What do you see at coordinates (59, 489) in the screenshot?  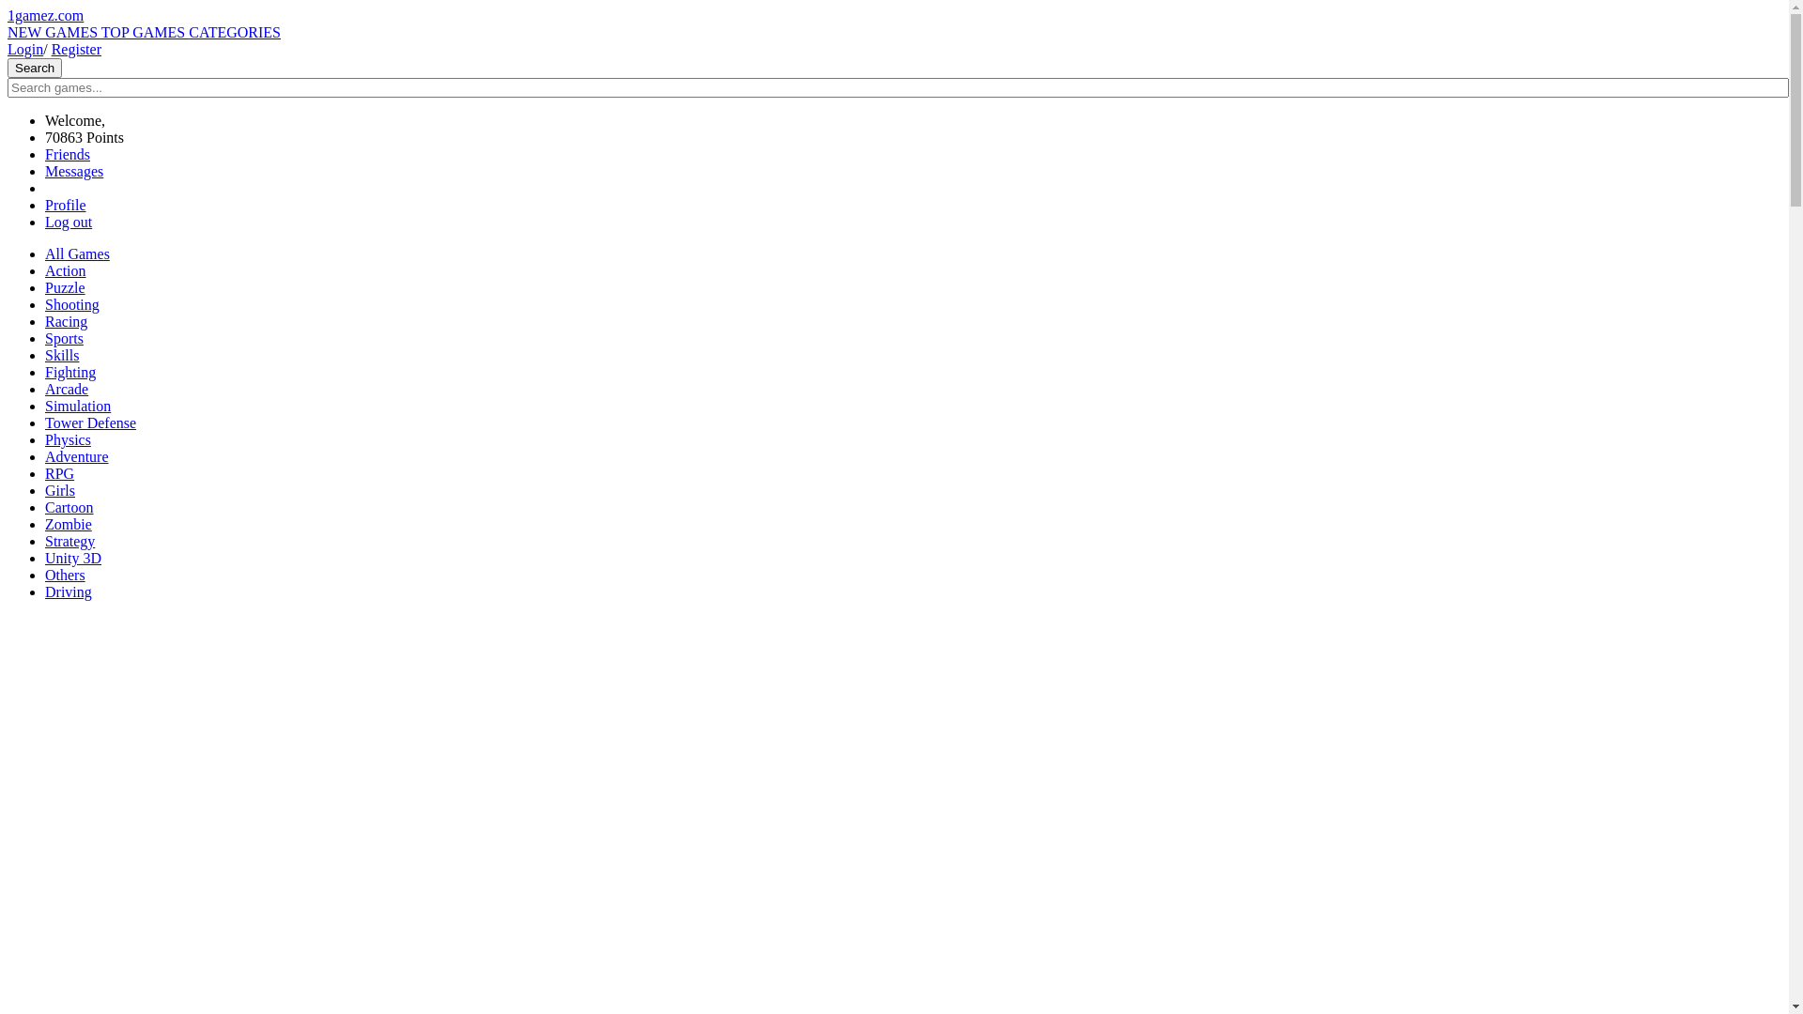 I see `'Girls'` at bounding box center [59, 489].